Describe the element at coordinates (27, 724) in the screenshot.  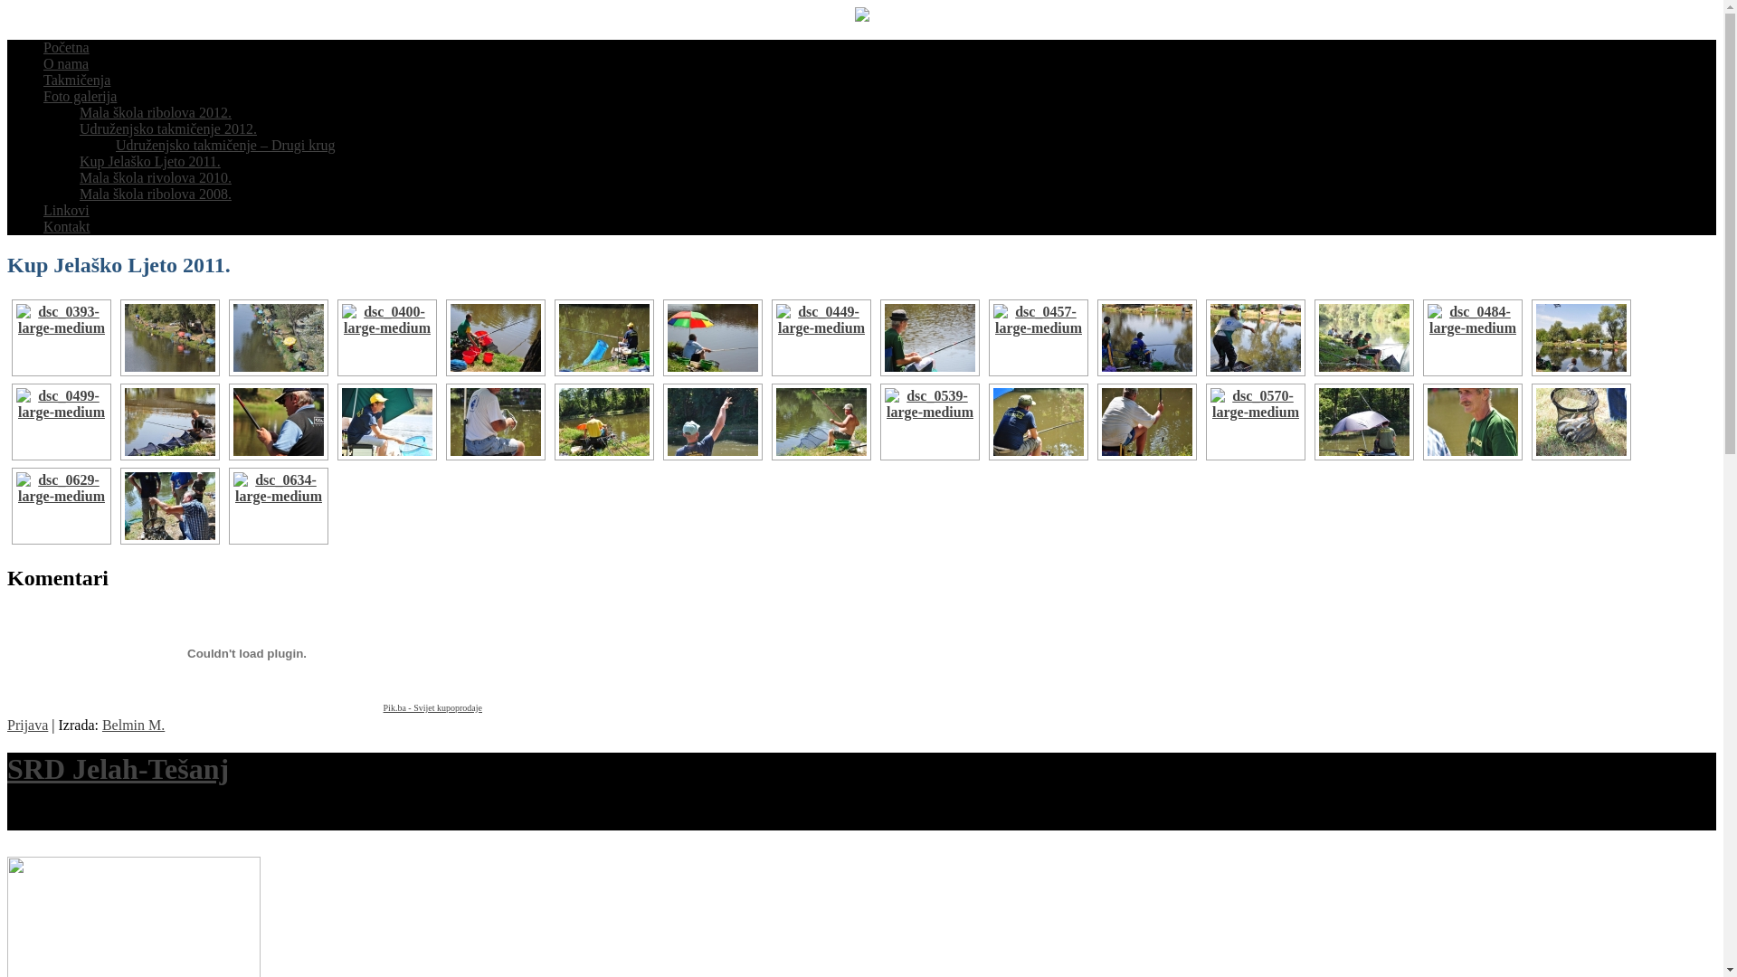
I see `'Prijava'` at that location.